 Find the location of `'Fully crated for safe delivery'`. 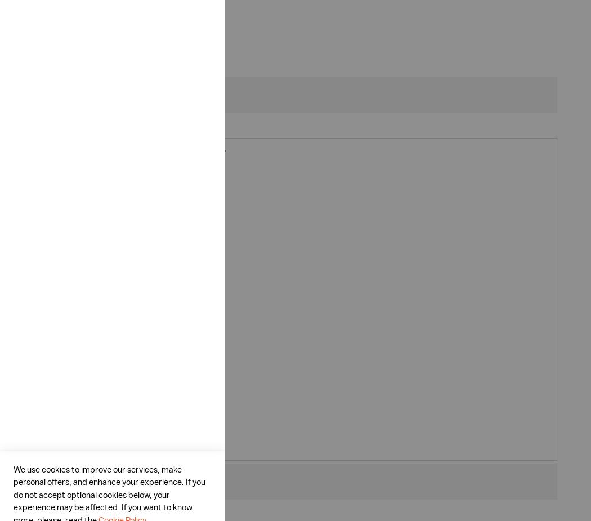

'Fully crated for safe delivery' is located at coordinates (111, 419).